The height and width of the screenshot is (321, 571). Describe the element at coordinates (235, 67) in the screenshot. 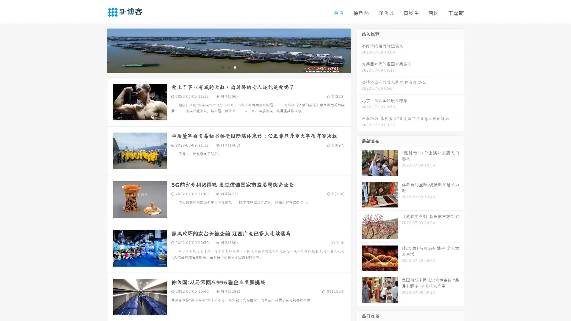

I see `Go to slide 3` at that location.